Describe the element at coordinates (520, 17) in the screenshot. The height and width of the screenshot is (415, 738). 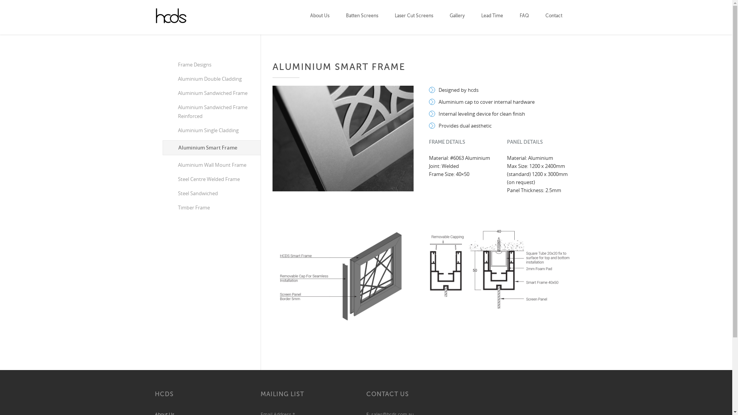
I see `'FAQ'` at that location.